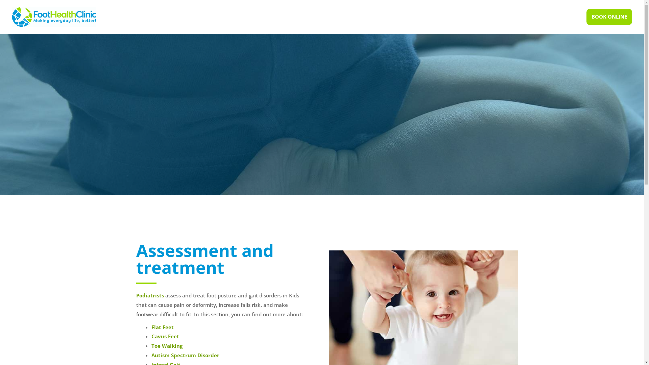 This screenshot has height=365, width=649. Describe the element at coordinates (165, 336) in the screenshot. I see `'Cavus Feet'` at that location.